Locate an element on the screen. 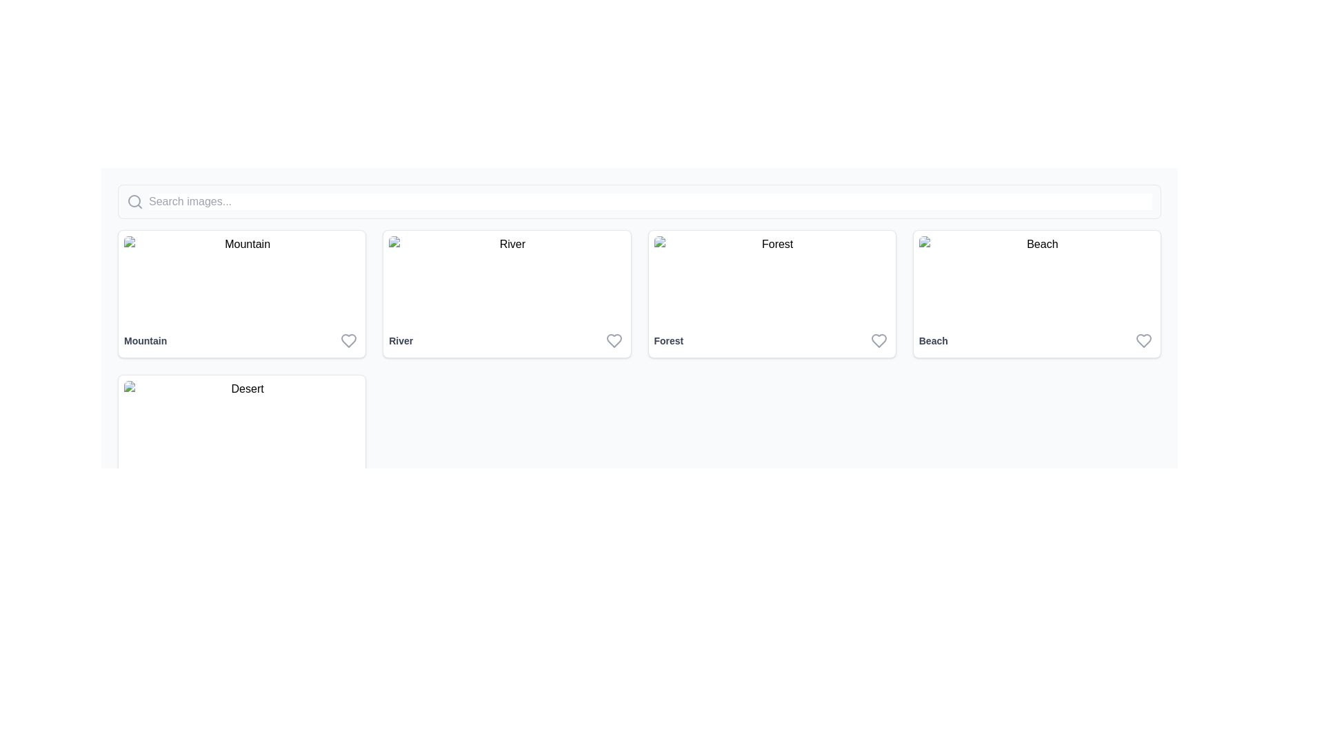 The height and width of the screenshot is (744, 1324). the circular gray button with a hollow heart-shaped icon located at the bottom-right corner of the 'River' card is located at coordinates (613, 340).